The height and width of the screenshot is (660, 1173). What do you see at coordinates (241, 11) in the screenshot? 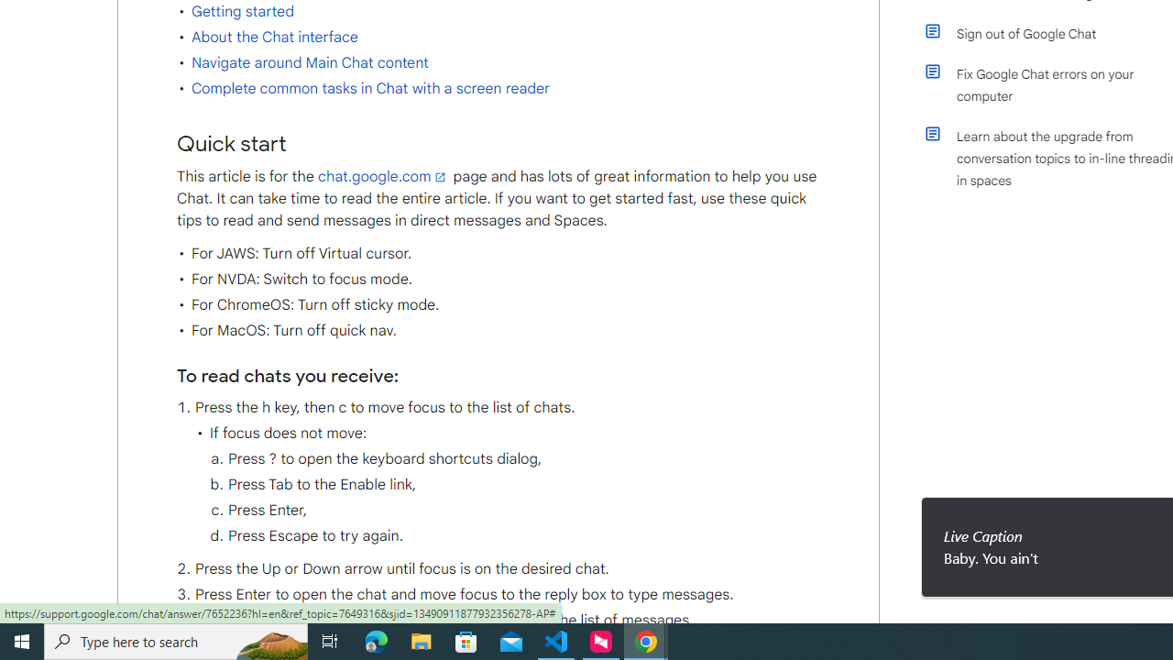
I see `'Getting started'` at bounding box center [241, 11].